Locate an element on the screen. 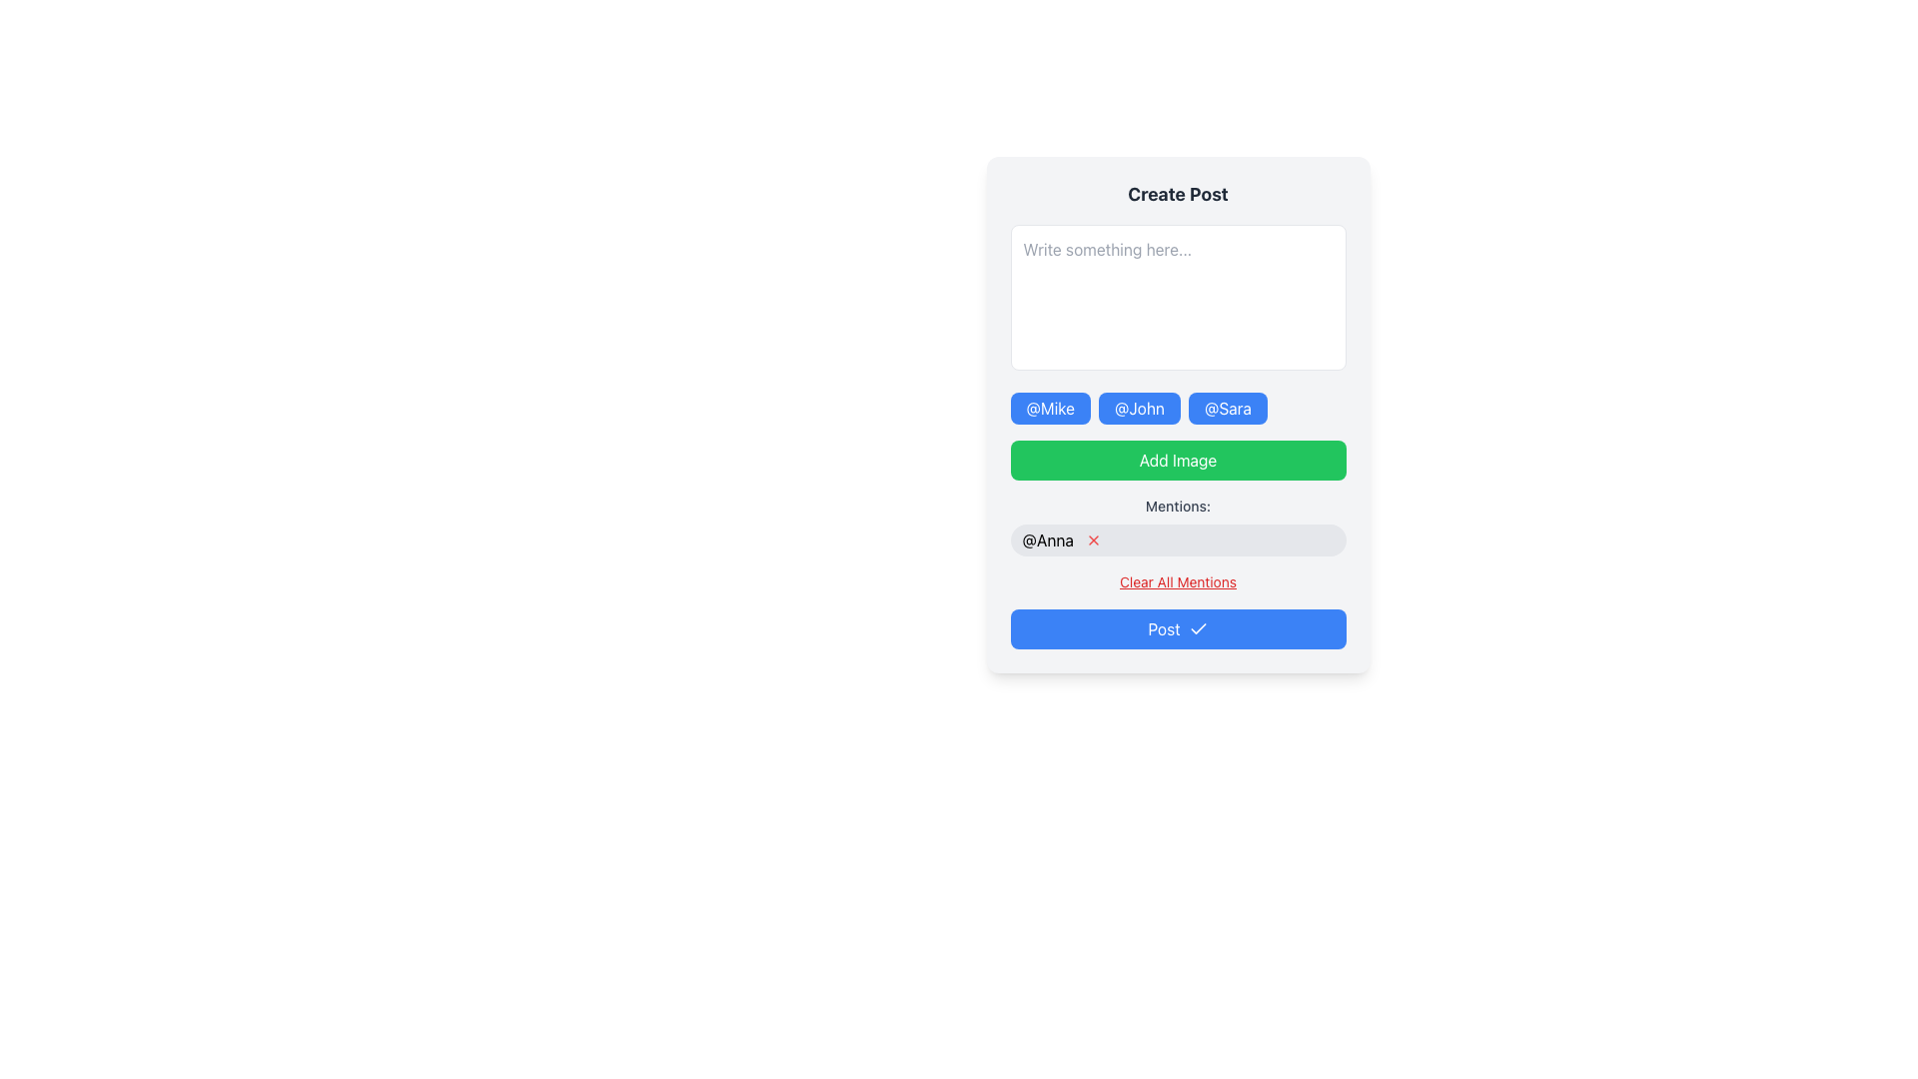 Image resolution: width=1918 pixels, height=1079 pixels. the small SVG-based checkmark icon located beneath the 'Mentions:' label, adjacent to the '@Anna' mention is located at coordinates (1198, 627).